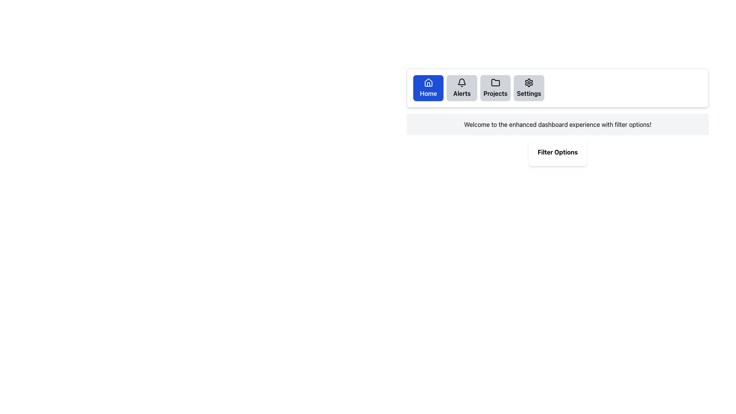 The image size is (736, 414). I want to click on any button located within the navigation bar at the top-center of the interface, so click(557, 88).